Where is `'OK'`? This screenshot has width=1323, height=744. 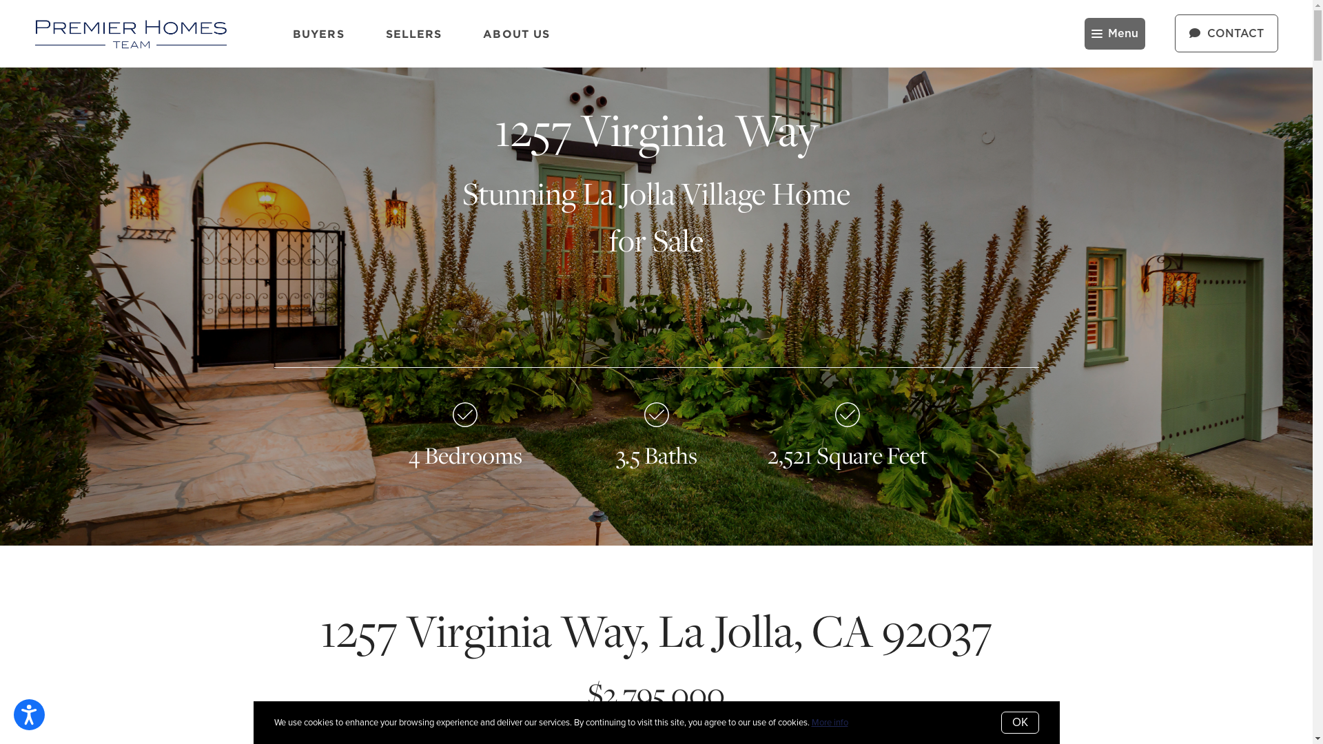
'OK' is located at coordinates (1019, 722).